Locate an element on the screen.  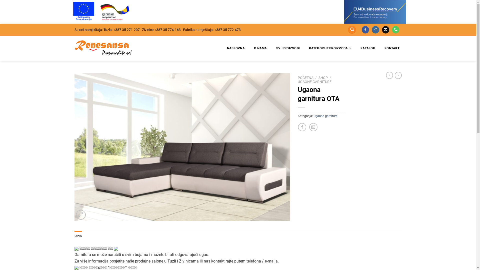
'UGAONE GARNITURE' is located at coordinates (297, 81).